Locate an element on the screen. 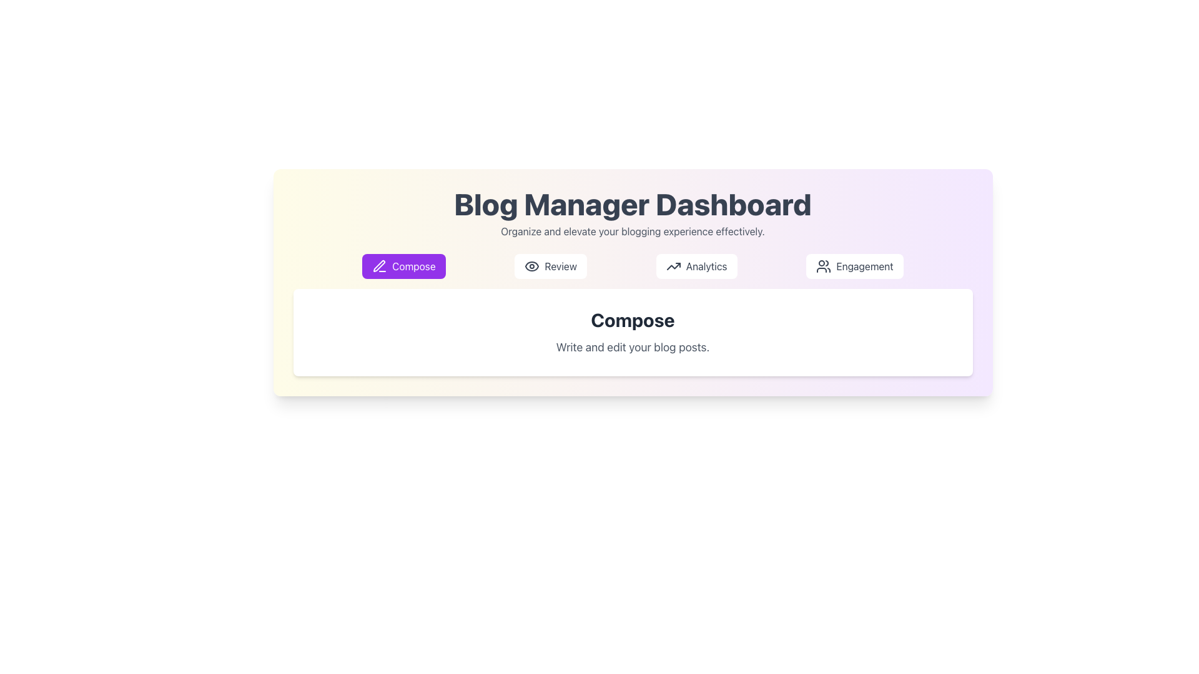 The width and height of the screenshot is (1199, 674). the 'Engagement' text label located on the far right of the navigation bar, which is styled in dark gray and associated with a button-like structure is located at coordinates (864, 266).